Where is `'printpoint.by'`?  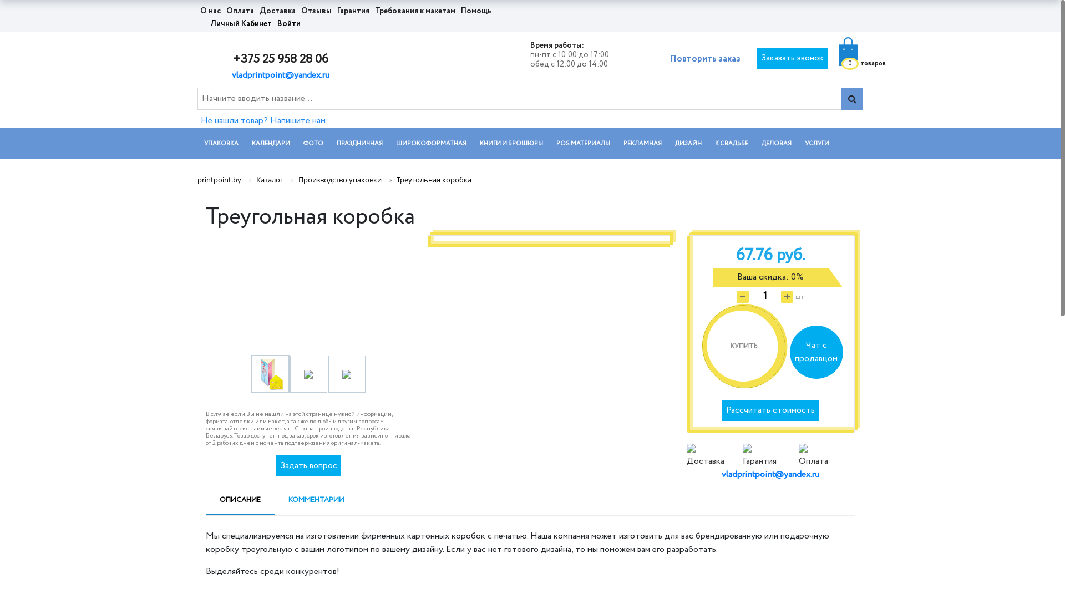
'printpoint.by' is located at coordinates (219, 179).